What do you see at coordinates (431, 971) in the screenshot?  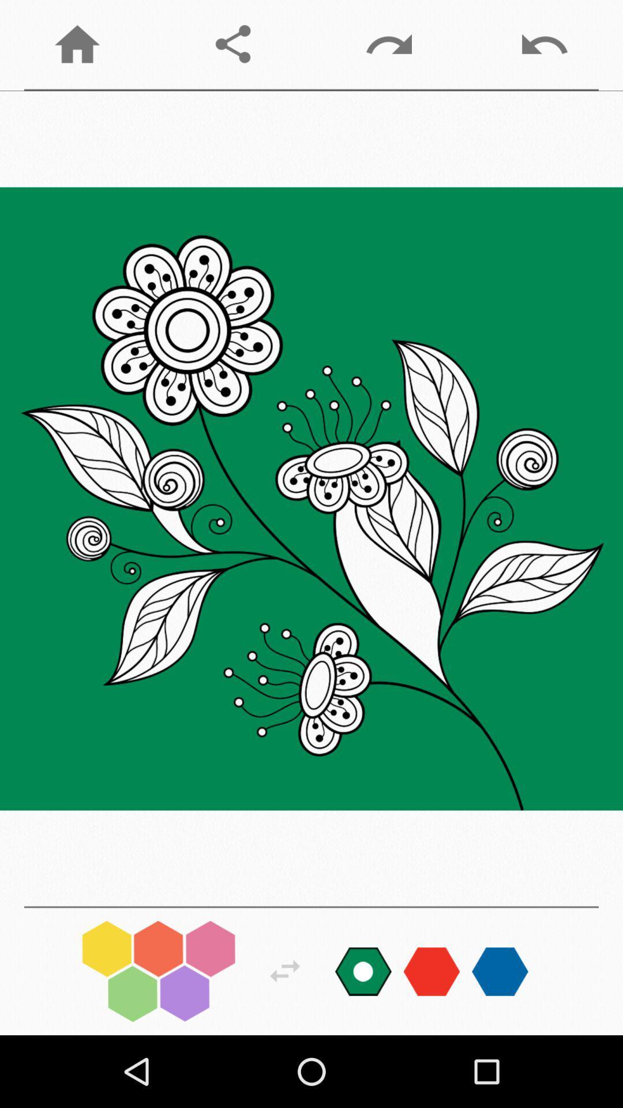 I see `the star icon` at bounding box center [431, 971].